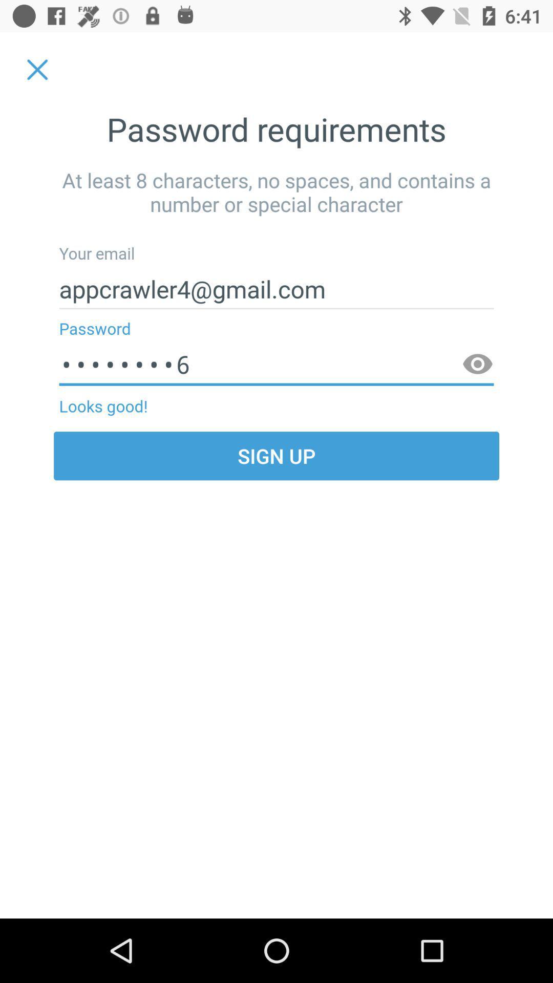 Image resolution: width=553 pixels, height=983 pixels. I want to click on appcrawler4@gmail.com, so click(276, 289).